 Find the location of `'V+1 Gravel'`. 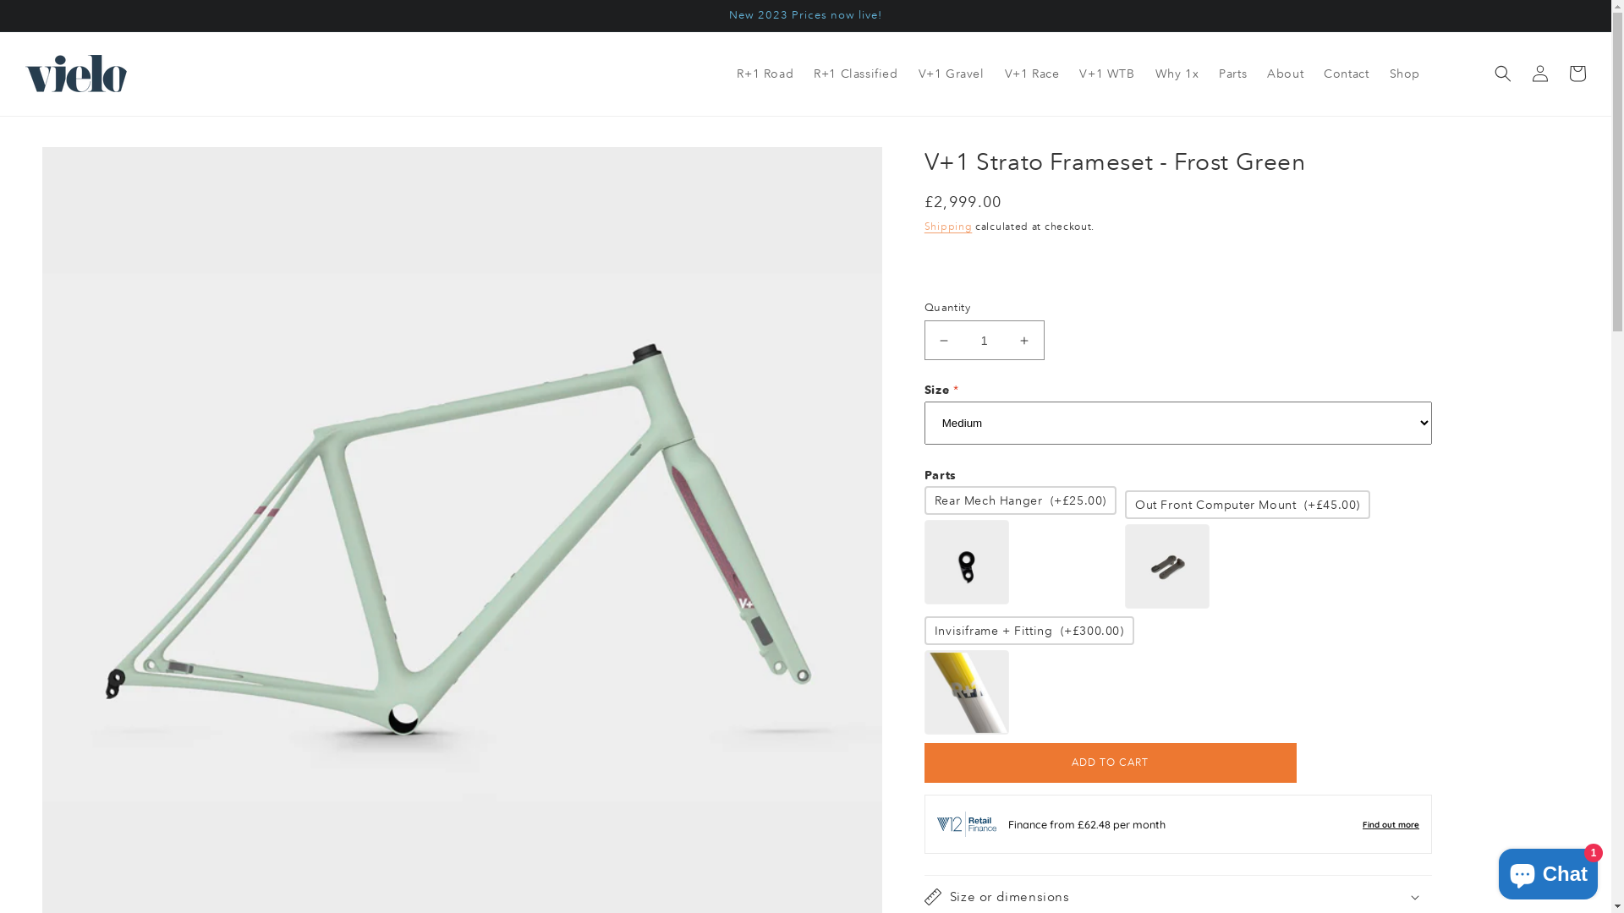

'V+1 Gravel' is located at coordinates (951, 73).